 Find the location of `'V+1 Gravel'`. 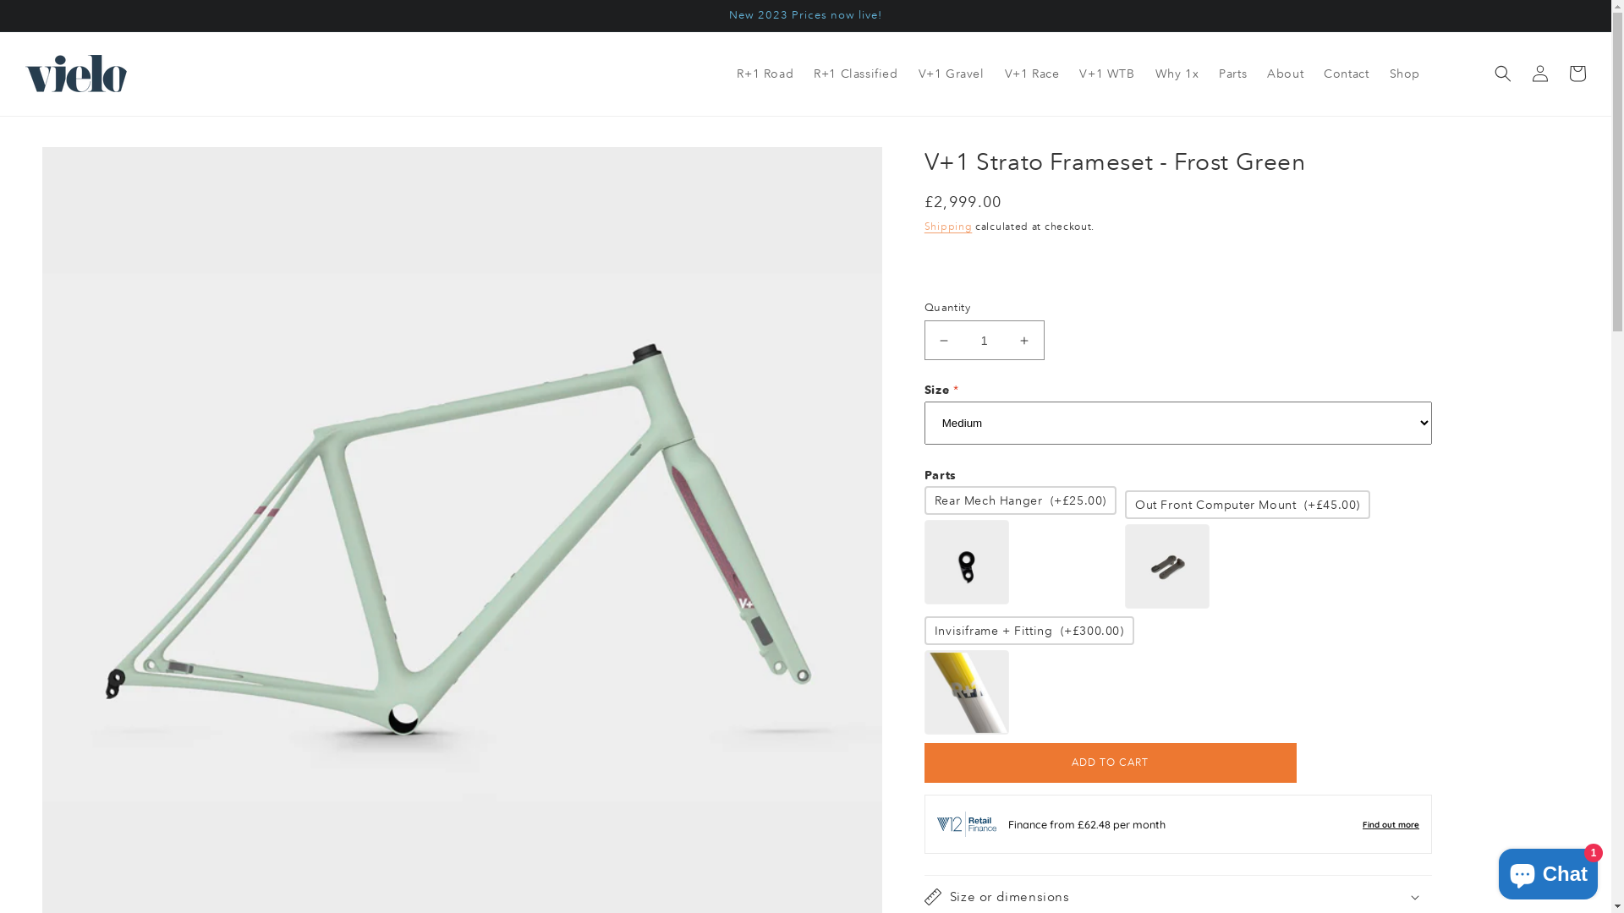

'V+1 Gravel' is located at coordinates (951, 73).